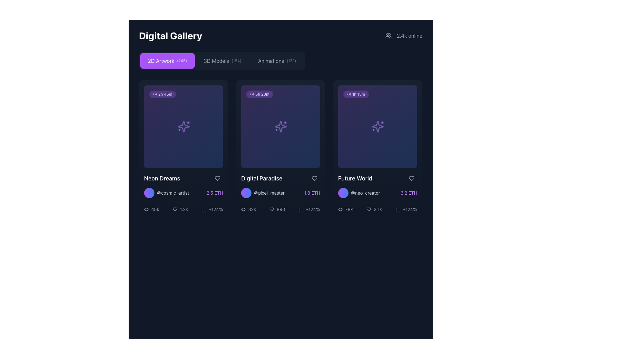  What do you see at coordinates (162, 179) in the screenshot?
I see `the text label displaying 'Neon Dreams' in medium, white font, located in the first column of the grid layout under the large preview thumbnail` at bounding box center [162, 179].